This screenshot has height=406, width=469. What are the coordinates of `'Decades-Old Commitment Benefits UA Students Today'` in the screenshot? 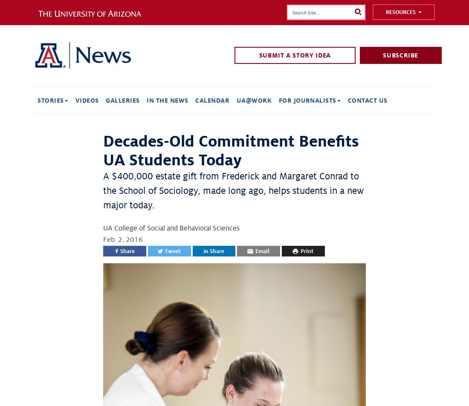 It's located at (231, 150).